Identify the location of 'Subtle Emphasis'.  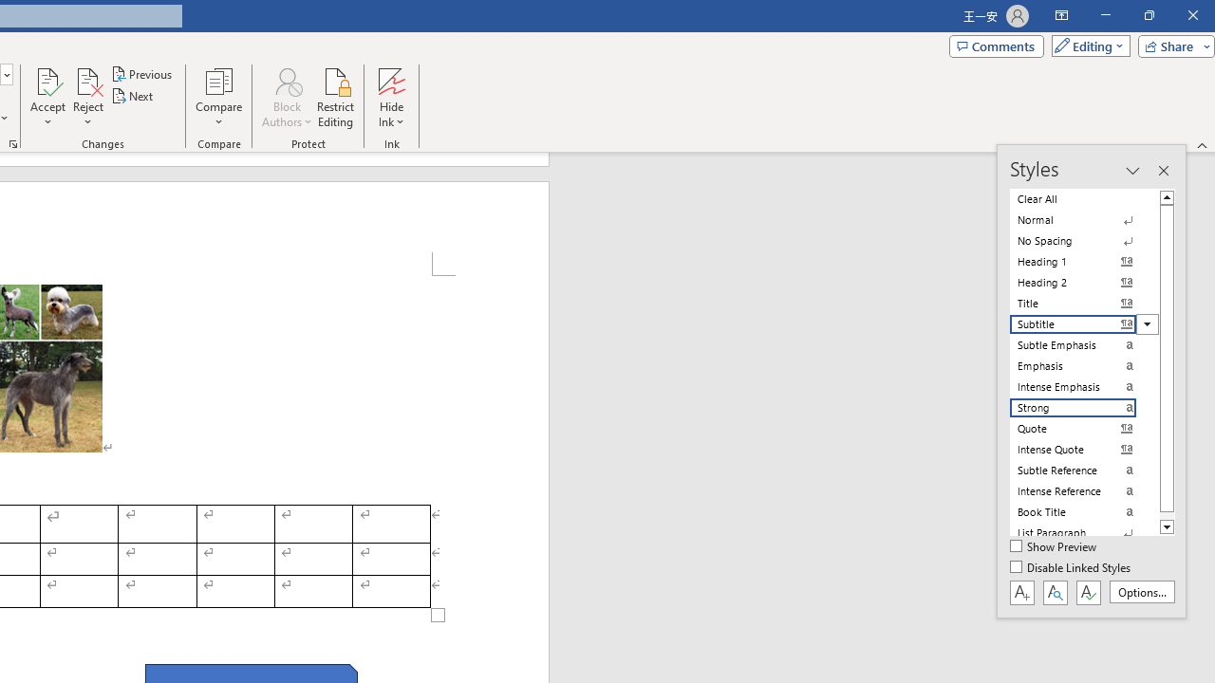
(1084, 344).